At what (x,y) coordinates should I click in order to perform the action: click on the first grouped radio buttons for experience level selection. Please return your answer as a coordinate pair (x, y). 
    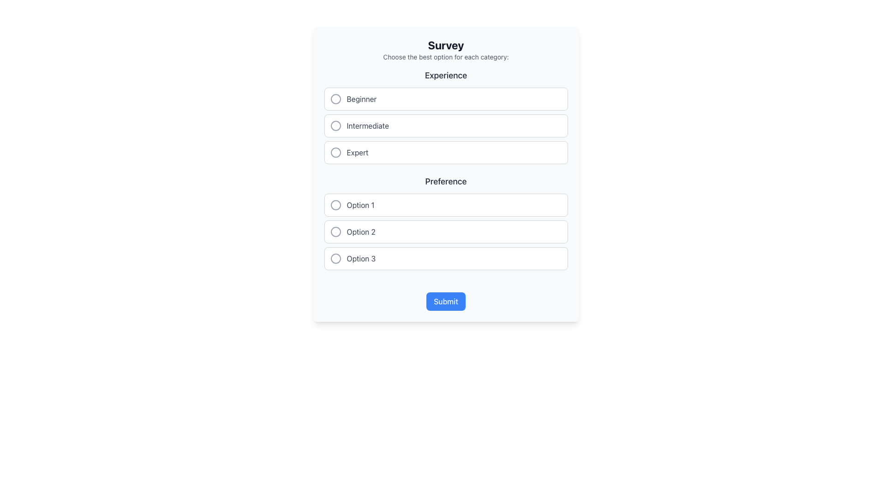
    Looking at the image, I should click on (446, 116).